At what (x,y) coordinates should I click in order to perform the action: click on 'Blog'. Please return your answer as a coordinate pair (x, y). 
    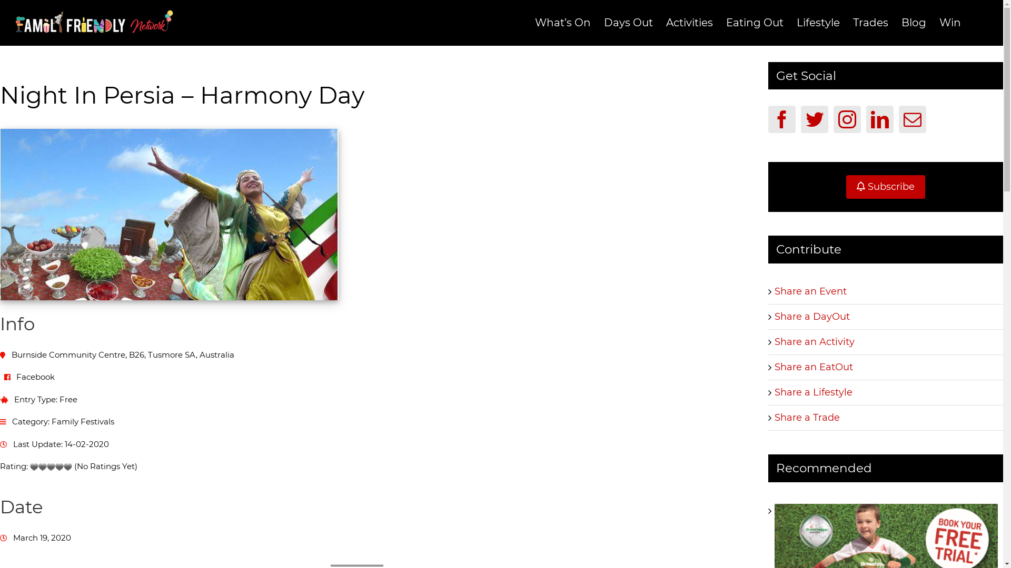
    Looking at the image, I should click on (901, 23).